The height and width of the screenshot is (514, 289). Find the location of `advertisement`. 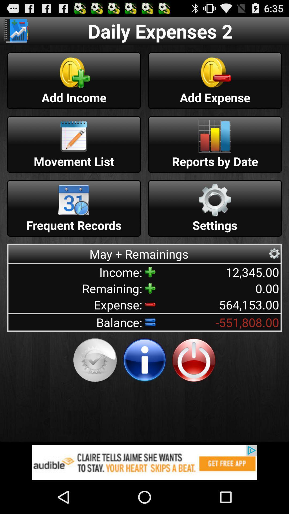

advertisement is located at coordinates (144, 462).